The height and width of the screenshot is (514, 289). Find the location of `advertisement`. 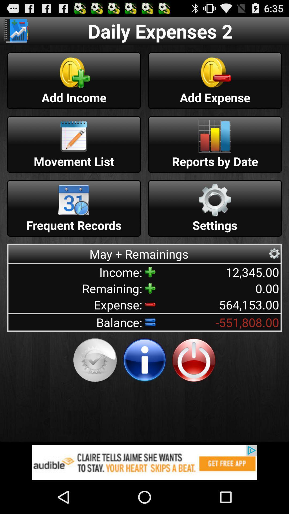

advertisement is located at coordinates (144, 462).